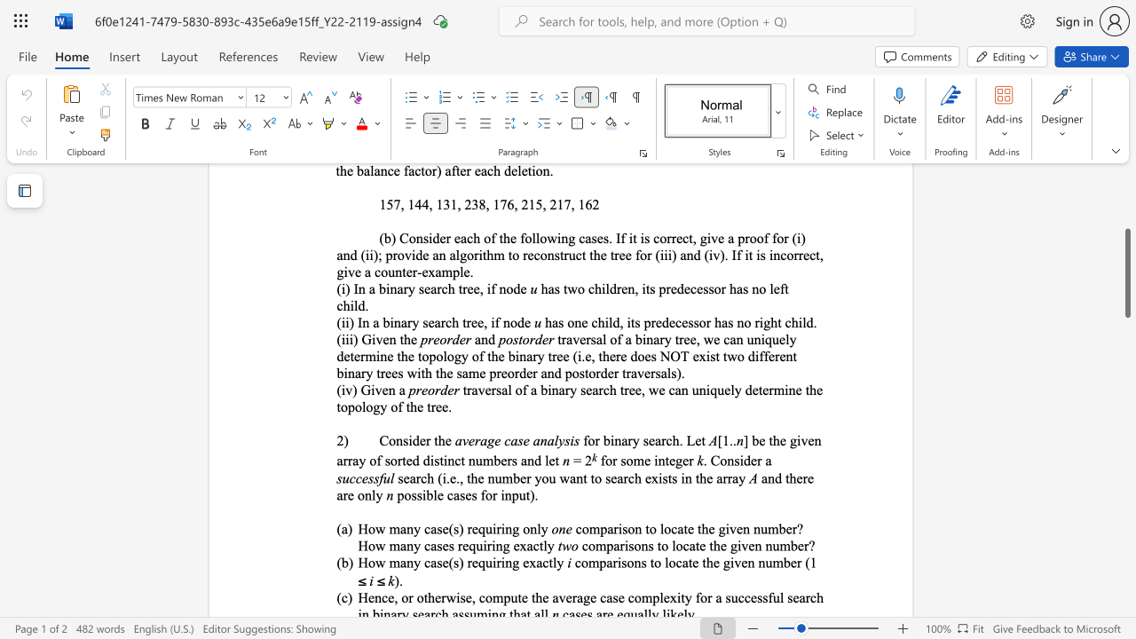 Image resolution: width=1136 pixels, height=639 pixels. Describe the element at coordinates (450, 477) in the screenshot. I see `the subset text "e." within the text "search (i.e., the number you want to search exists in the array"` at that location.